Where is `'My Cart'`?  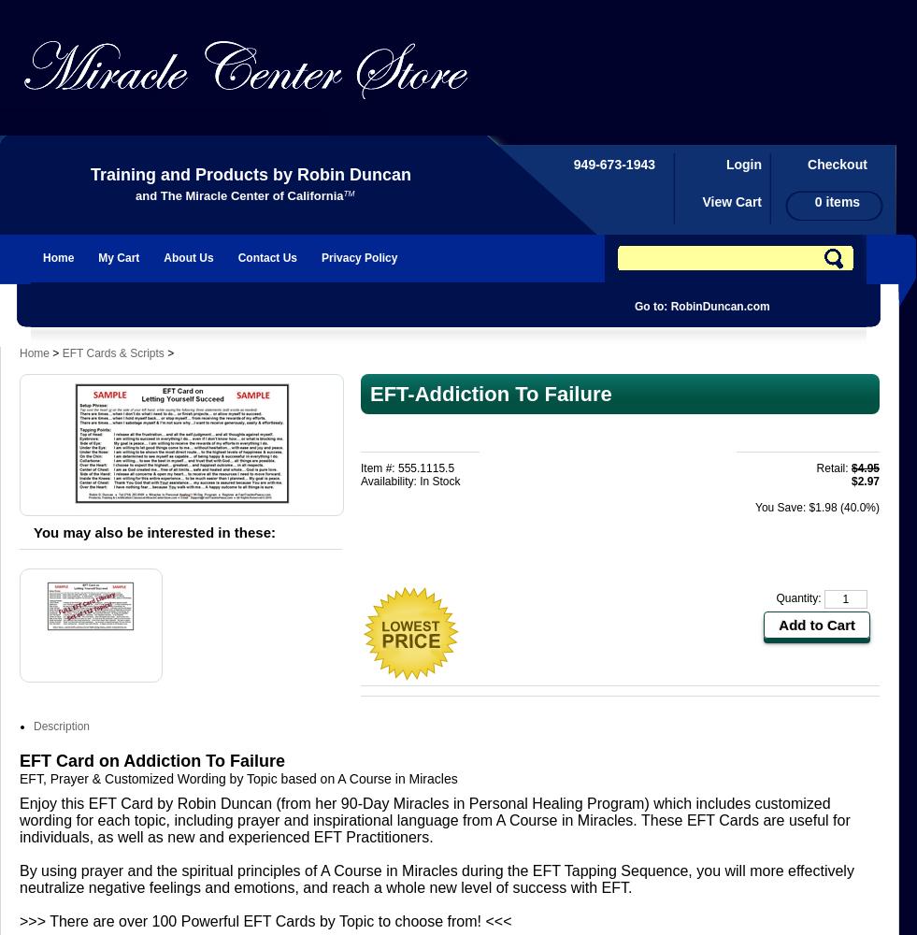
'My Cart' is located at coordinates (118, 258).